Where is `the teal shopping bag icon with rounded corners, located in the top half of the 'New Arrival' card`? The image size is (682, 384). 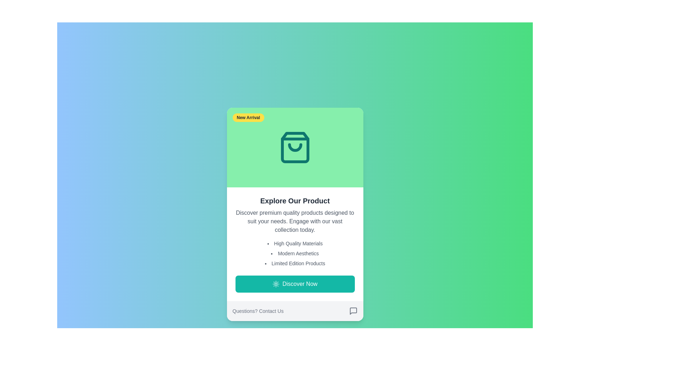 the teal shopping bag icon with rounded corners, located in the top half of the 'New Arrival' card is located at coordinates (295, 147).